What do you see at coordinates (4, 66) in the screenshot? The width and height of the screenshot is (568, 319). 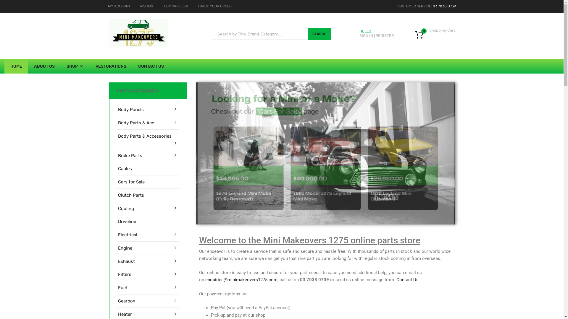 I see `'HOME'` at bounding box center [4, 66].